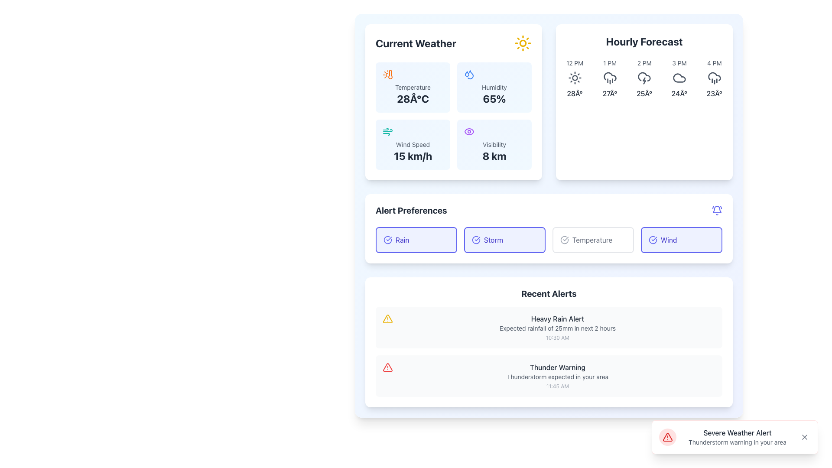 This screenshot has width=832, height=468. I want to click on the Informational weather block displaying '4 PM' with the cloudy icon and '23°' text, which is the fifth element in the 'Hourly Forecast' section, so click(714, 78).